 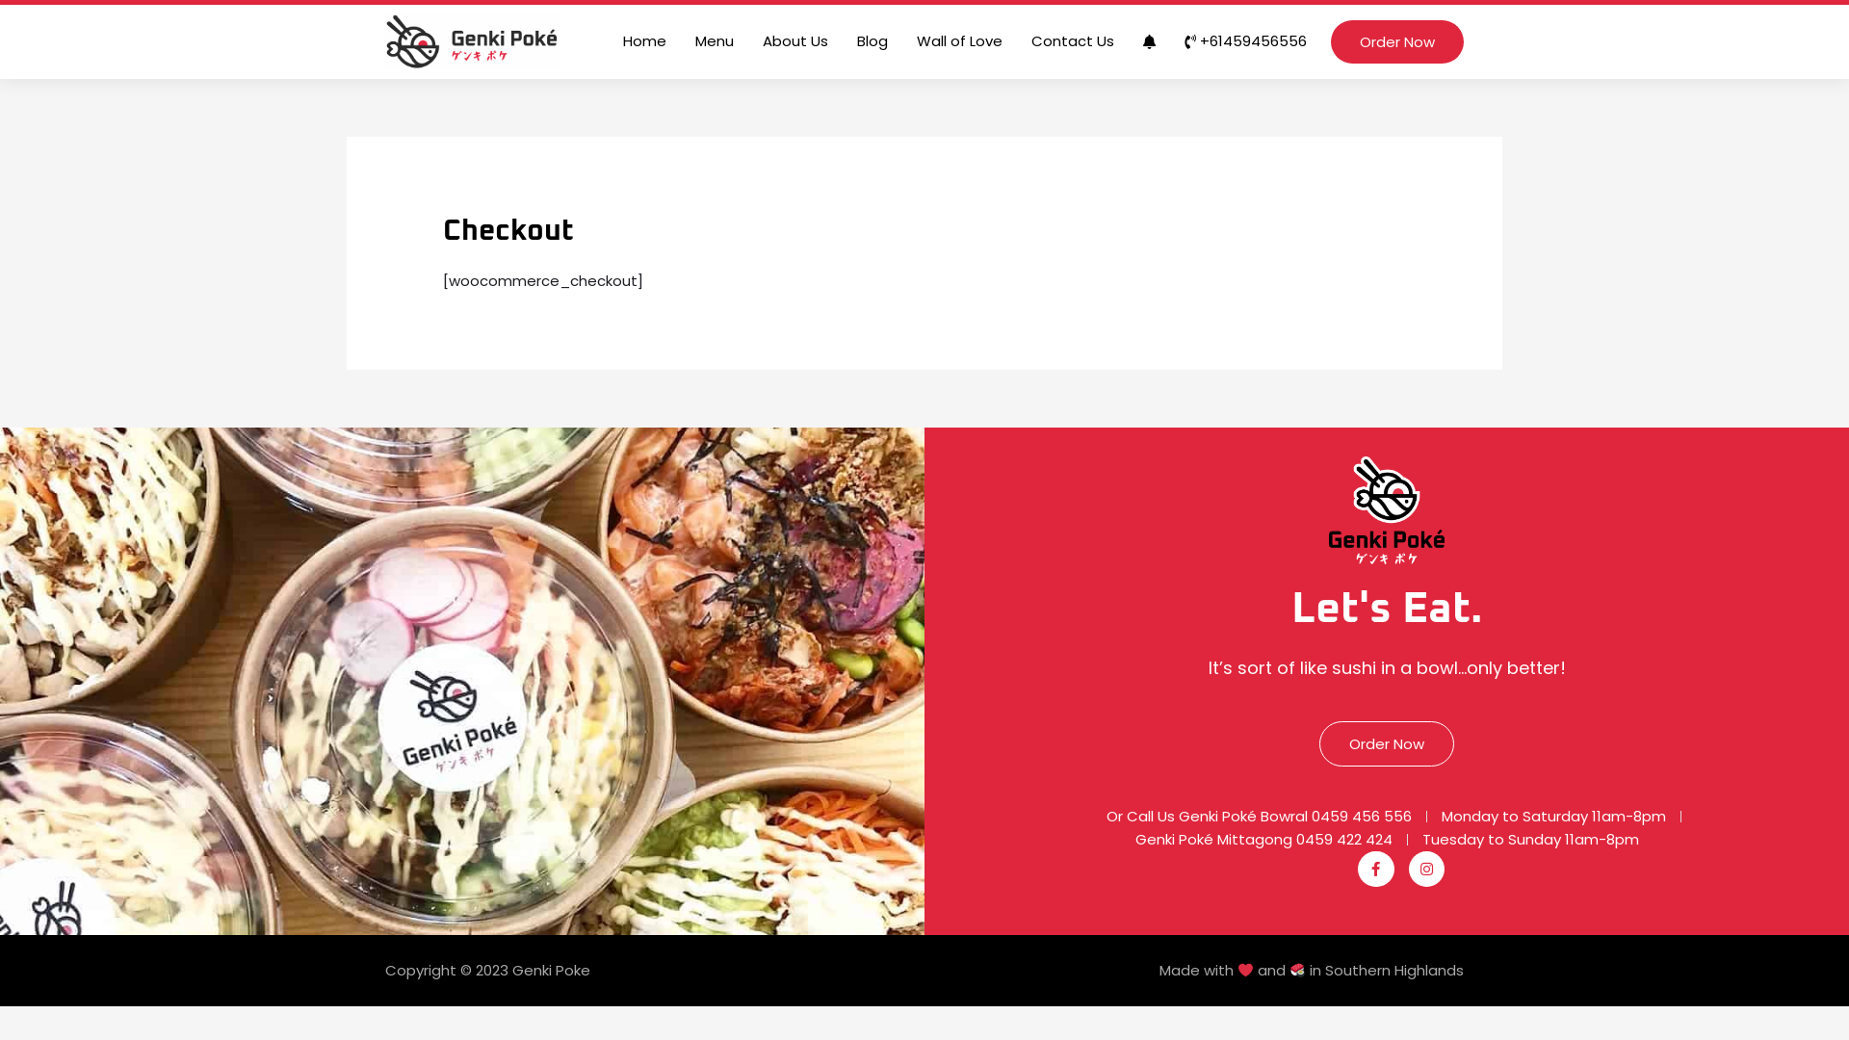 I want to click on 'Monday to Saturday 11am-8pm', so click(x=1553, y=817).